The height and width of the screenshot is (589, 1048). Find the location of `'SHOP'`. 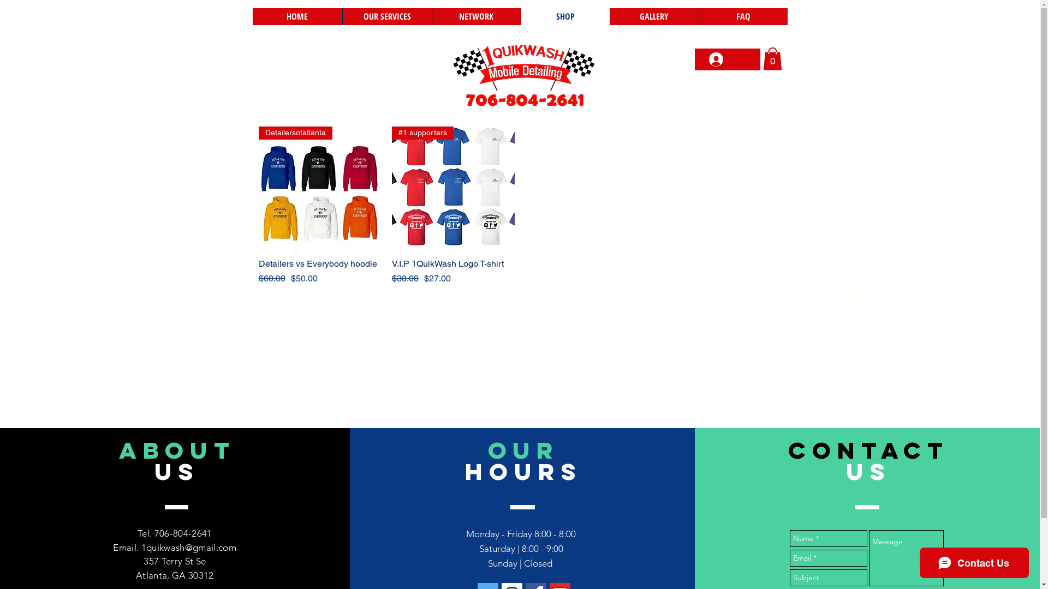

'SHOP' is located at coordinates (565, 16).